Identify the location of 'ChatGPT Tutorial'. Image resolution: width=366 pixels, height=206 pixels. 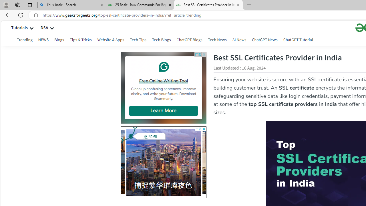
(298, 40).